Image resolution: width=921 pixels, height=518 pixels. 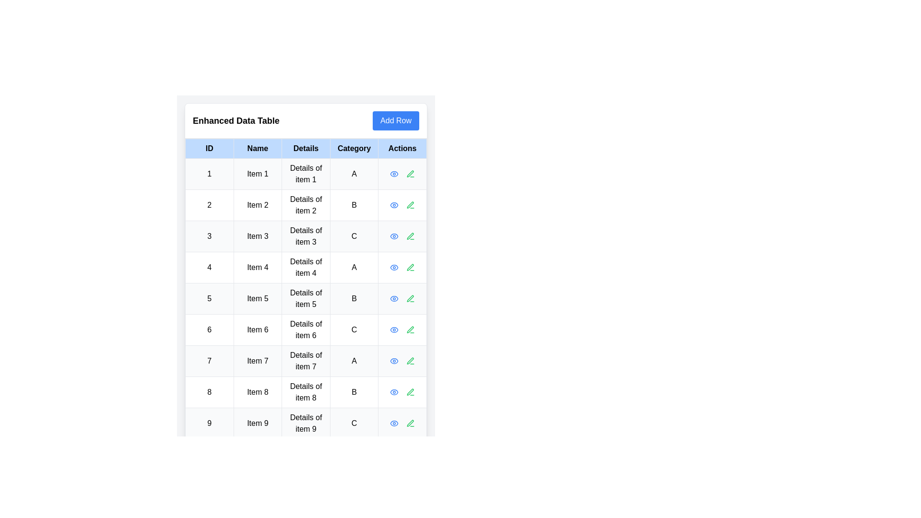 What do you see at coordinates (410, 361) in the screenshot?
I see `the pen icon in the 'Actions' column of the seventh row to initiate editing, which is located next to the green 'eye' icon and is the only pen icon in this area` at bounding box center [410, 361].